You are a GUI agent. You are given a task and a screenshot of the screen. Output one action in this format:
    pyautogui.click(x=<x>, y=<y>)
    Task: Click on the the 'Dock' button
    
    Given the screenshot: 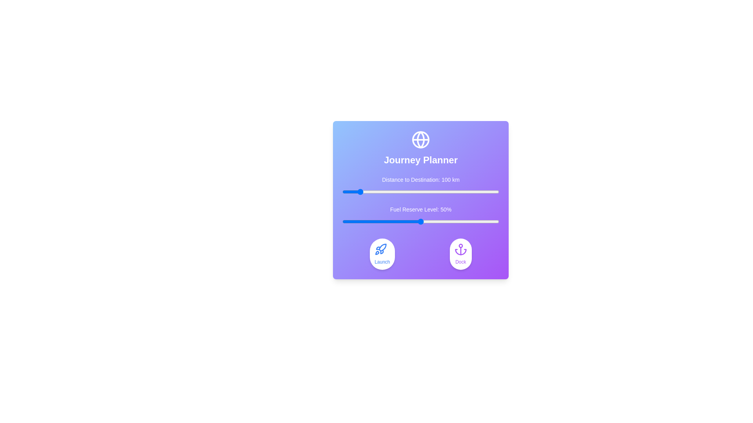 What is the action you would take?
    pyautogui.click(x=460, y=254)
    